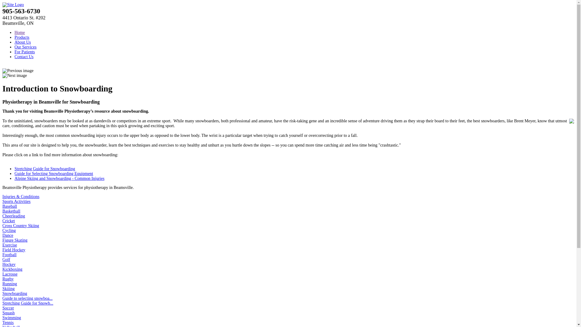 The width and height of the screenshot is (581, 327). I want to click on 'For Patients', so click(24, 51).